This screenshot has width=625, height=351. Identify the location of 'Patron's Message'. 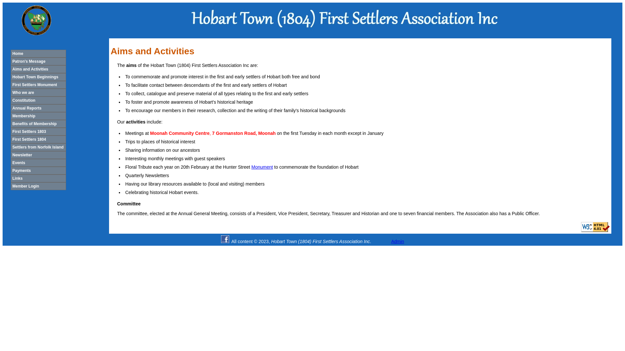
(38, 61).